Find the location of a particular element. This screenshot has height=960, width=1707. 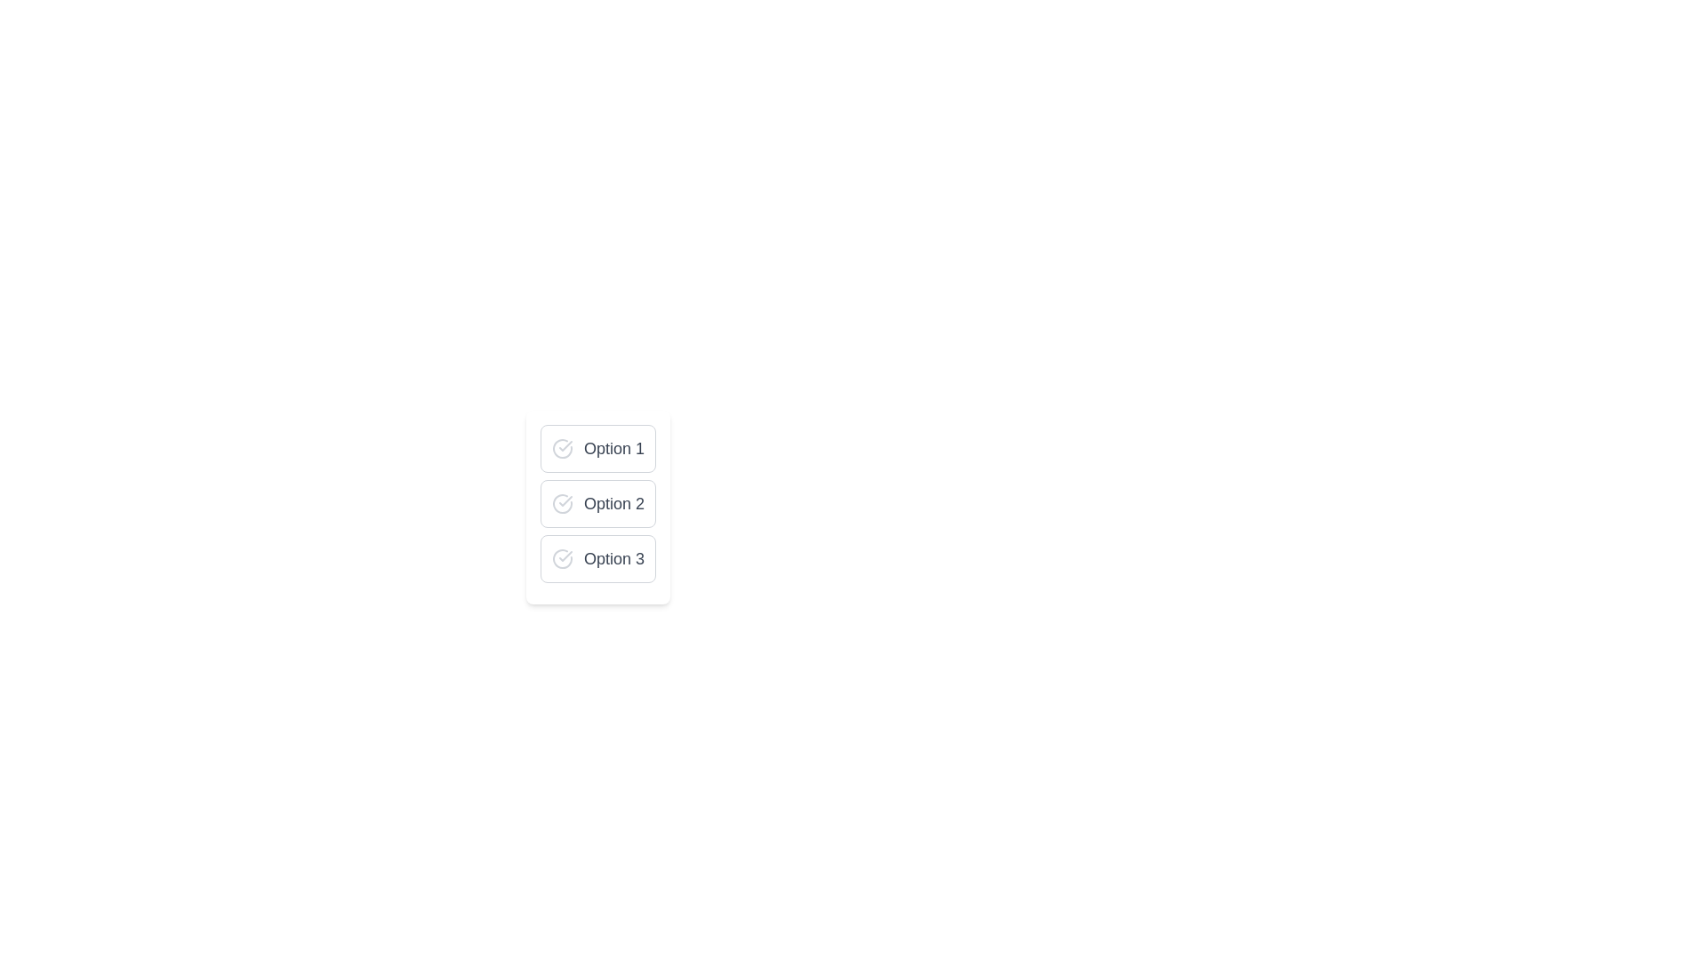

the text label representing the third selectable option in the vertical menu is located at coordinates (614, 557).